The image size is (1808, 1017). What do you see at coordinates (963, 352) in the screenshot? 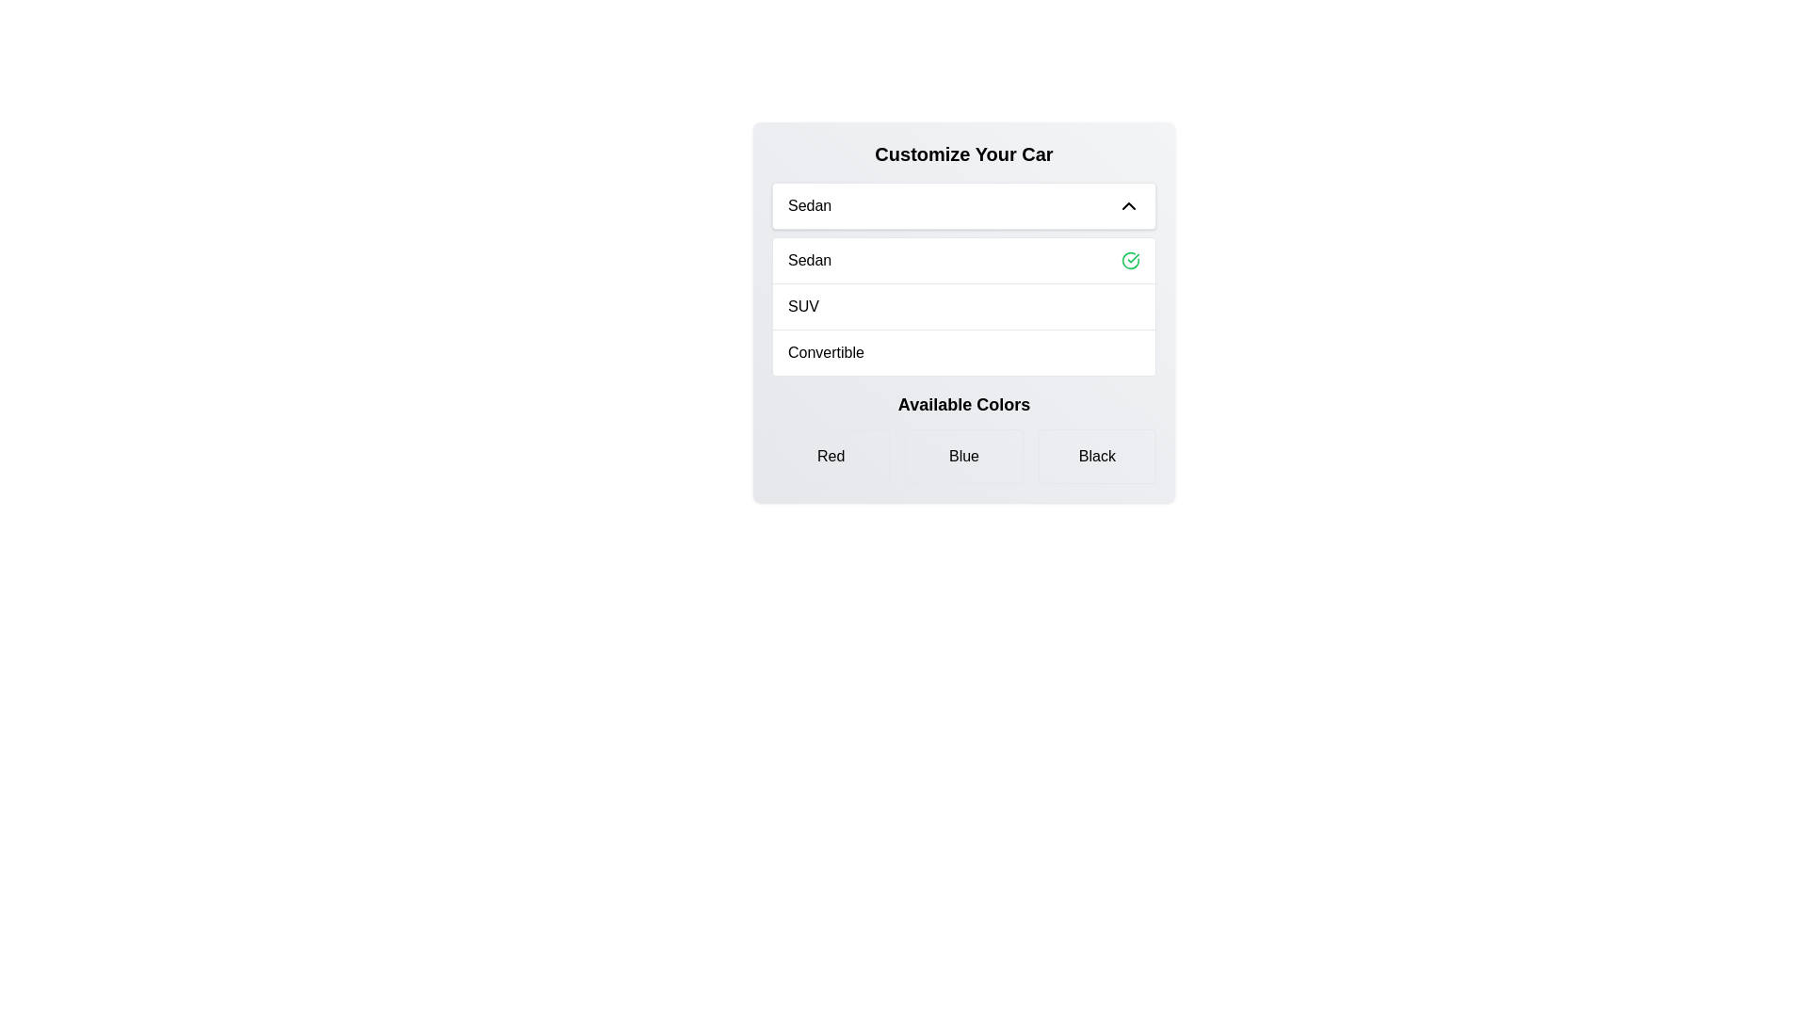
I see `the 'Convertible' dropdown option, which is the third choice in the 'Customize Your Car' menu, located below 'Sedan' and 'SUV'` at bounding box center [963, 352].